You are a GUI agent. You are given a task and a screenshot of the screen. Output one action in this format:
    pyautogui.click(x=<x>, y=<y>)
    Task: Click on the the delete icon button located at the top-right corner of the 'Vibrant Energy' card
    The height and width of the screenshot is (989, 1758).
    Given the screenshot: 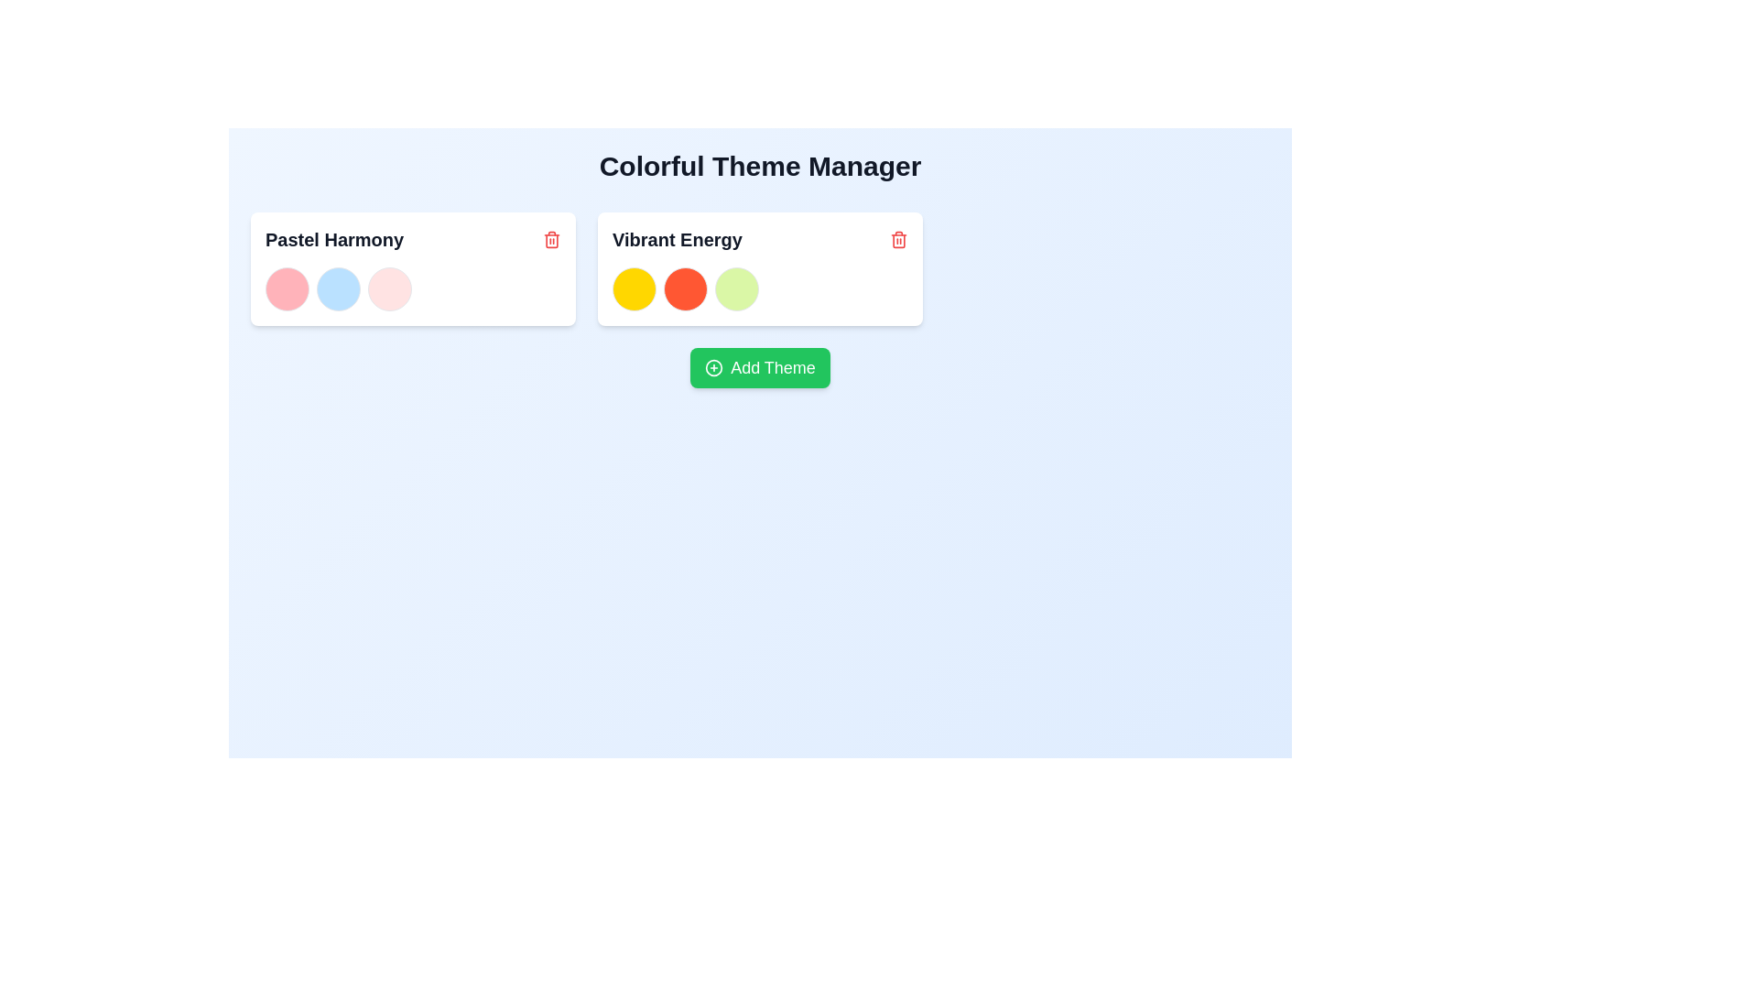 What is the action you would take?
    pyautogui.click(x=899, y=239)
    